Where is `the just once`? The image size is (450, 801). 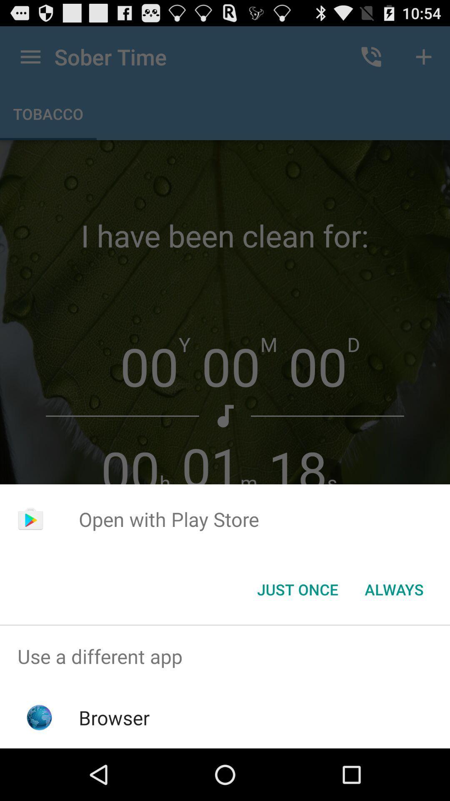
the just once is located at coordinates (297, 589).